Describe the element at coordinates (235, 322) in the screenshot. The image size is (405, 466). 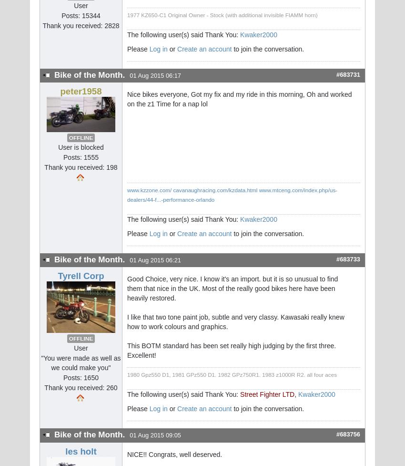
I see `'I like that two tone paint job,   subtle and very classy. Kawasaki really knew how to work colours and graphics.'` at that location.